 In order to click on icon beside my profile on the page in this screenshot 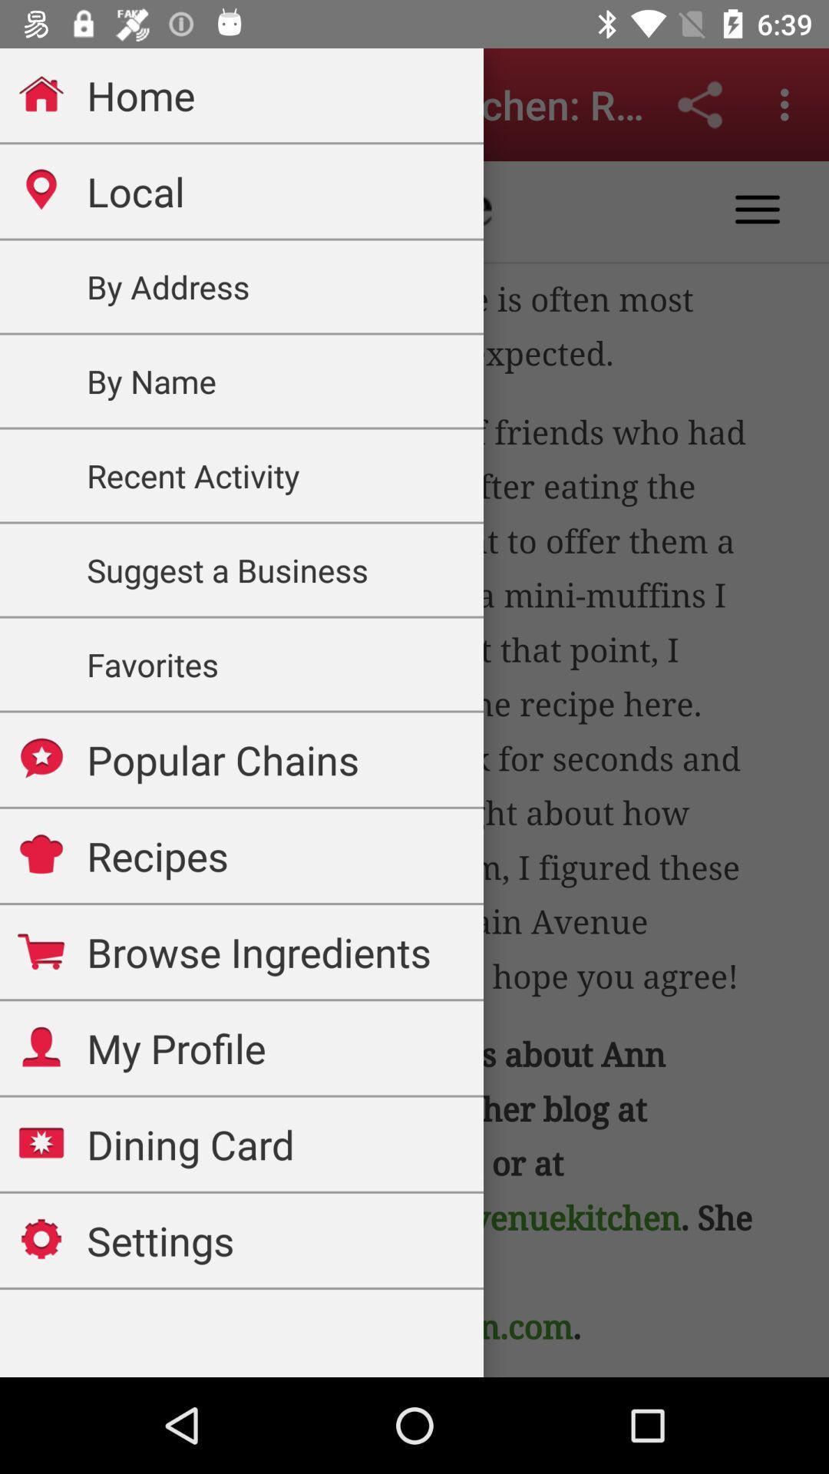, I will do `click(41, 1046)`.